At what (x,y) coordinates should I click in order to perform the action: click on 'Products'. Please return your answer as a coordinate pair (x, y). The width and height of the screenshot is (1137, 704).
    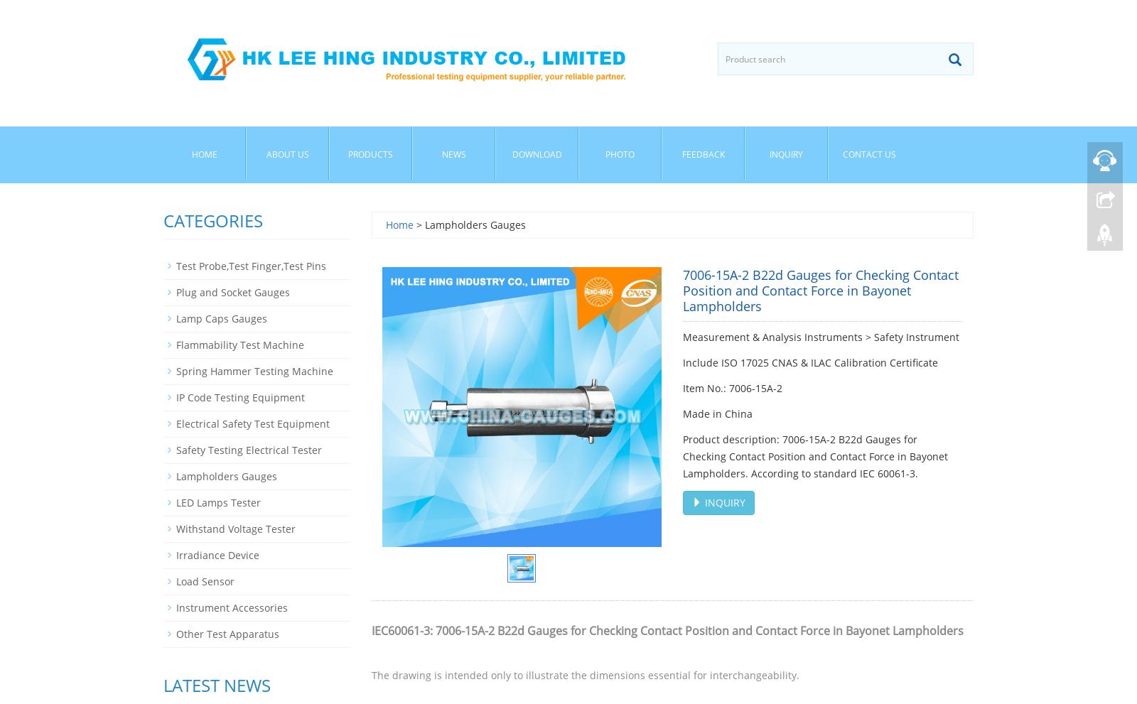
    Looking at the image, I should click on (370, 153).